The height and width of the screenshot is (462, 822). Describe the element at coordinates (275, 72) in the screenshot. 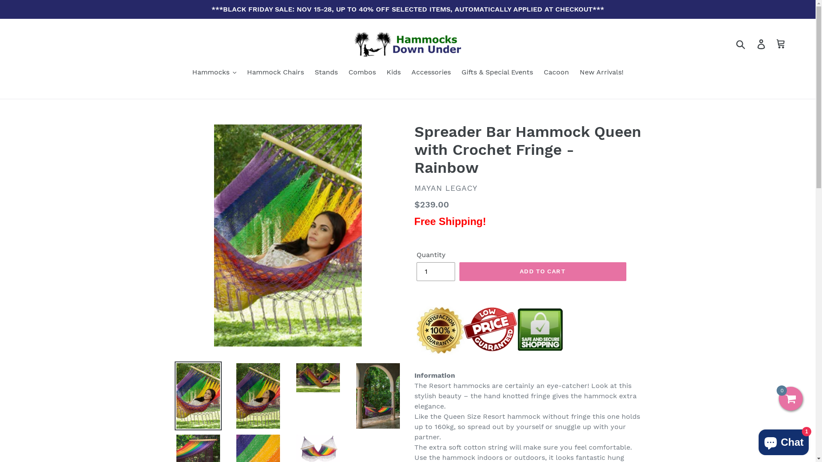

I see `'Hammock Chairs'` at that location.